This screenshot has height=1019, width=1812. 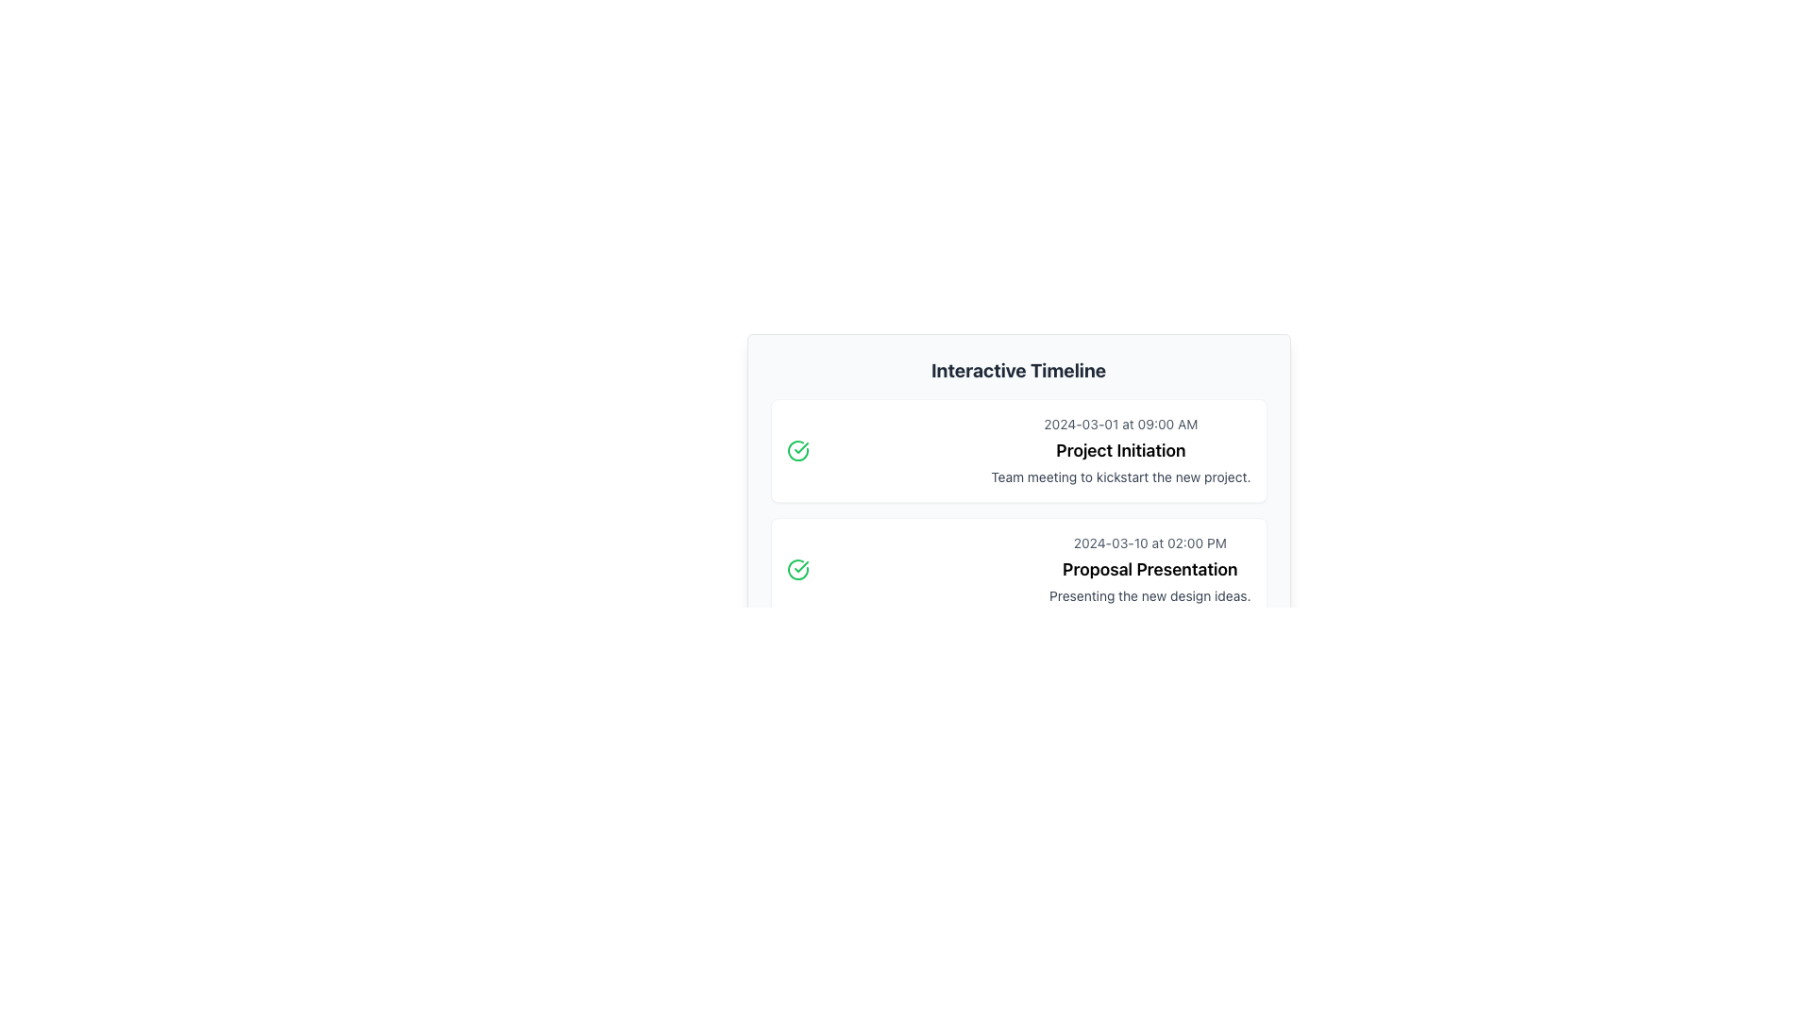 What do you see at coordinates (1017, 451) in the screenshot?
I see `the first event card in the vertical timeline that displays key information such as date, time, title, and description` at bounding box center [1017, 451].